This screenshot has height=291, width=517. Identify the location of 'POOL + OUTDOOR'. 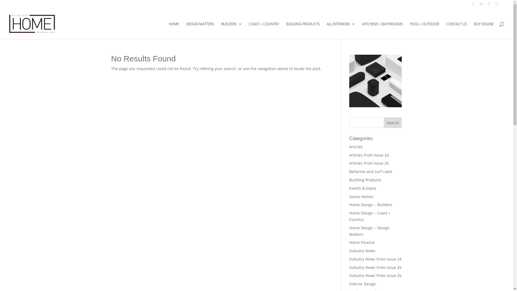
(424, 30).